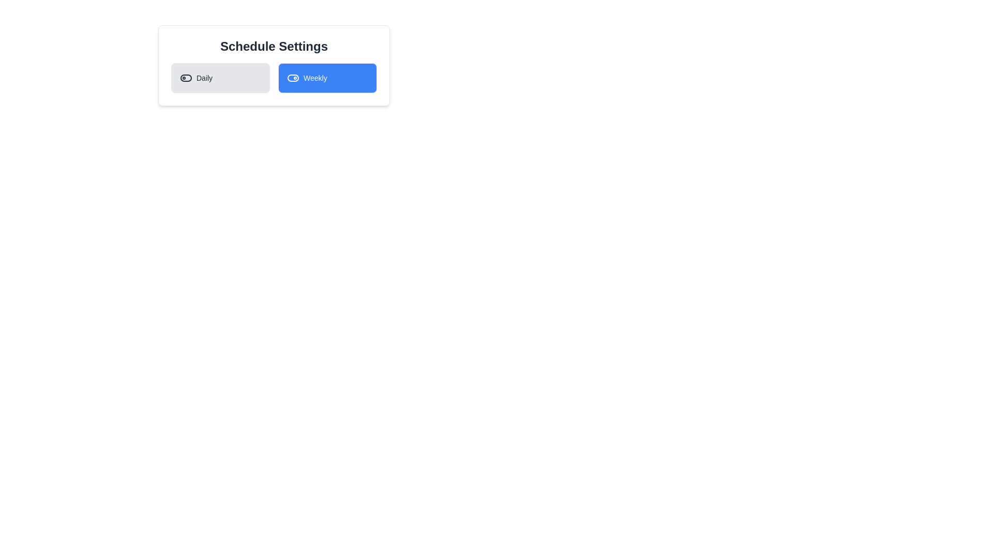 This screenshot has height=559, width=993. I want to click on the 'Daily' button in the Schedule Settings section, so click(220, 77).